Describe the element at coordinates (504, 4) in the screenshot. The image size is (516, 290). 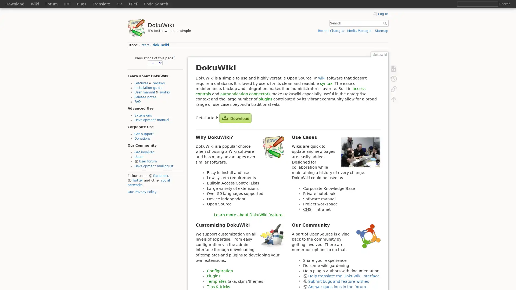
I see `Search` at that location.